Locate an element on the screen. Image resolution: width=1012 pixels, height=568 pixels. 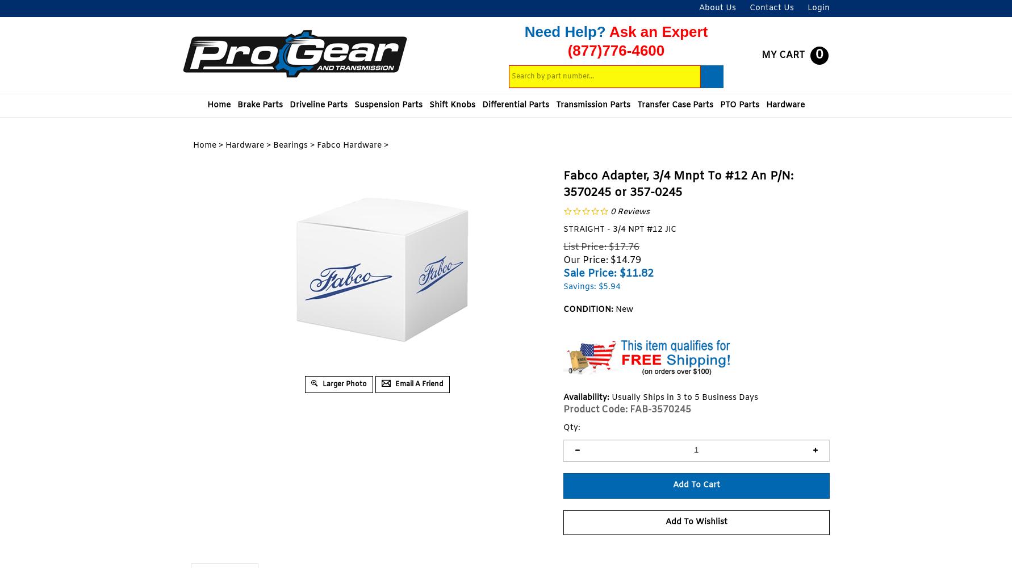
'Brake Parts' is located at coordinates (259, 105).